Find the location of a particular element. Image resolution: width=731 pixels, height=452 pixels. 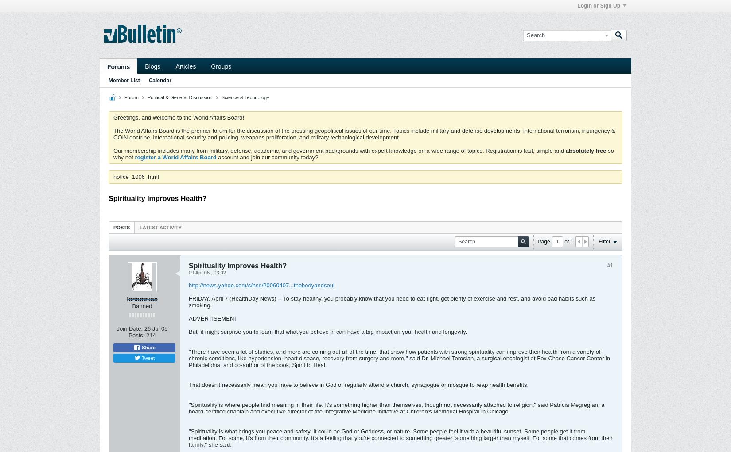

'214' is located at coordinates (151, 335).